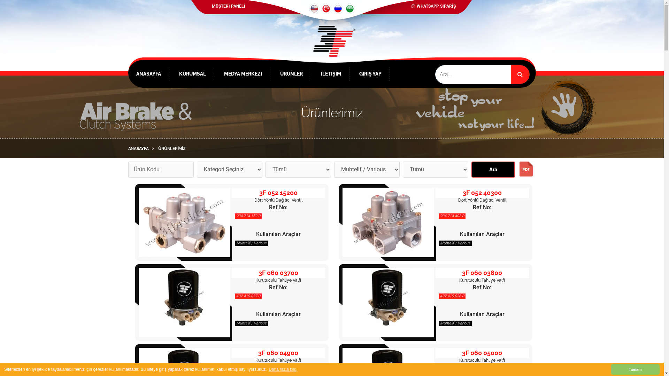 The image size is (669, 376). I want to click on 'Daha fazla bilgi', so click(283, 369).